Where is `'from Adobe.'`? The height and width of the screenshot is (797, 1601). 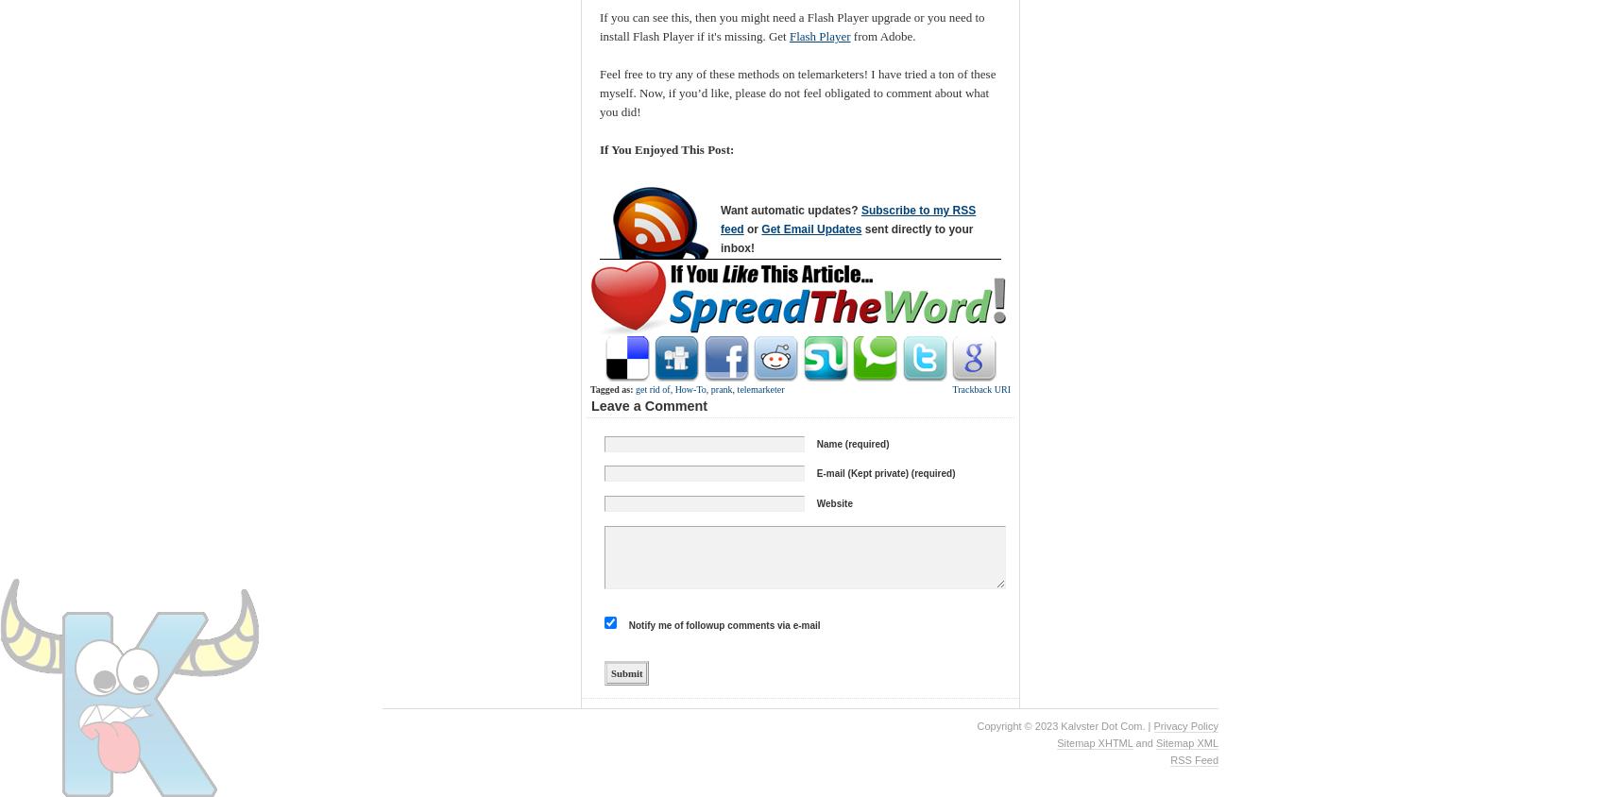
'from Adobe.' is located at coordinates (882, 35).